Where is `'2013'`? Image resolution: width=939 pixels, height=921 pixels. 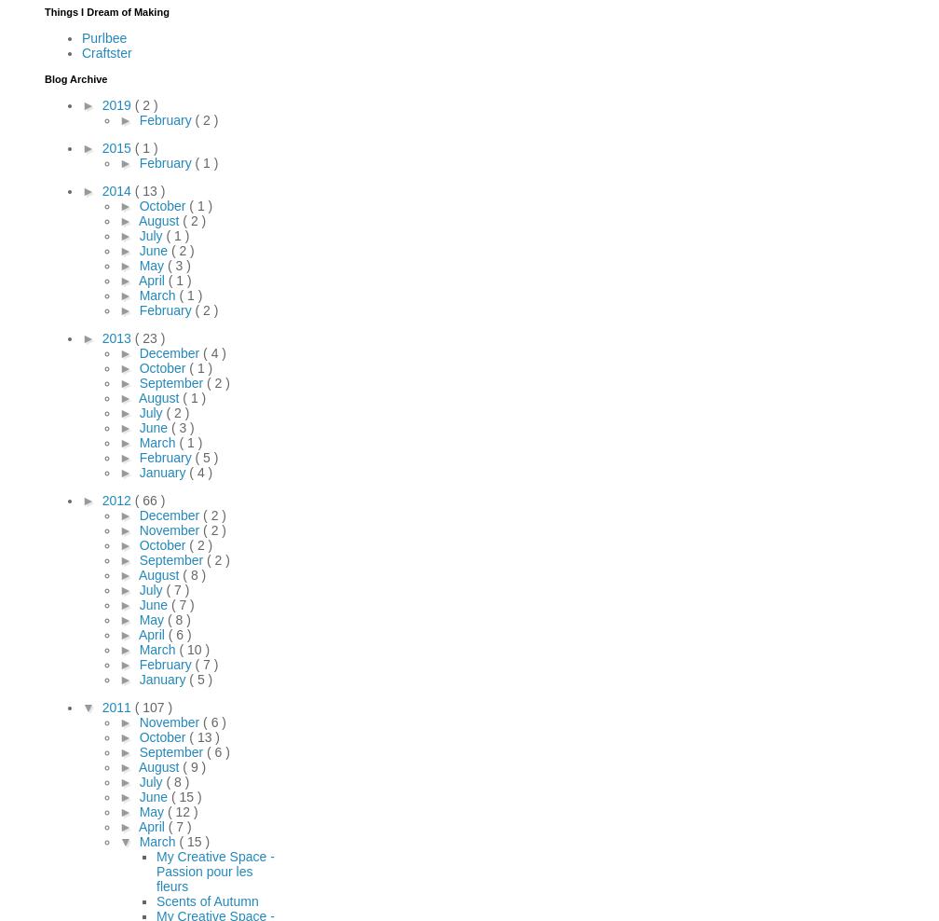
'2013' is located at coordinates (117, 337).